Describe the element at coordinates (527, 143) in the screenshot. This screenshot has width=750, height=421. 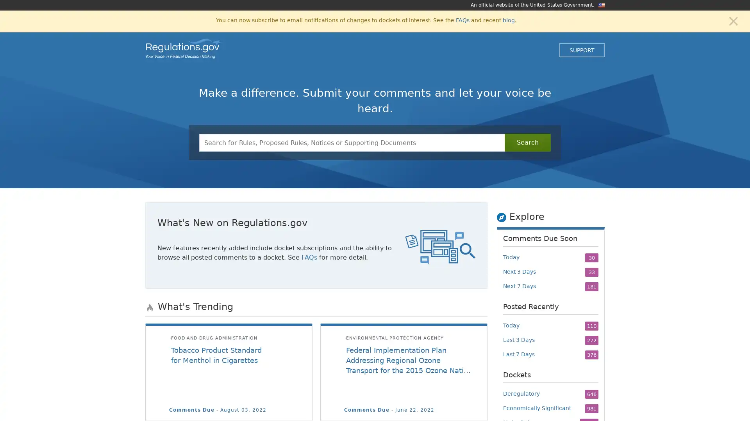
I see `Search` at that location.